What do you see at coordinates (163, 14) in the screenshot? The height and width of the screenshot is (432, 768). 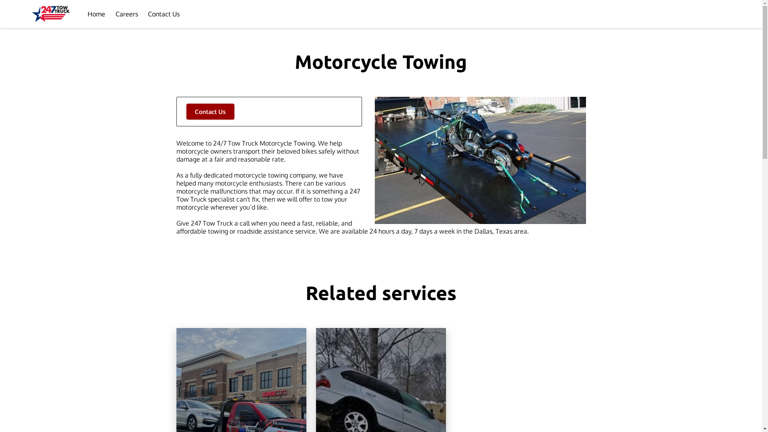 I see `'Contact Us'` at bounding box center [163, 14].